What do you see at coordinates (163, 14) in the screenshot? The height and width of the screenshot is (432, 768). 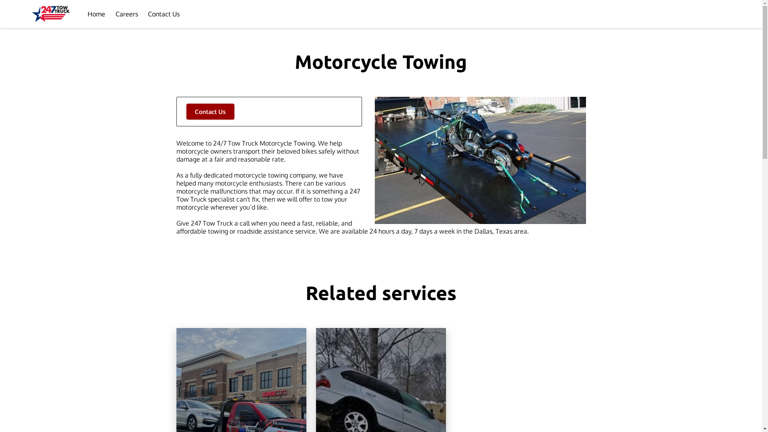 I see `'Contact Us'` at bounding box center [163, 14].